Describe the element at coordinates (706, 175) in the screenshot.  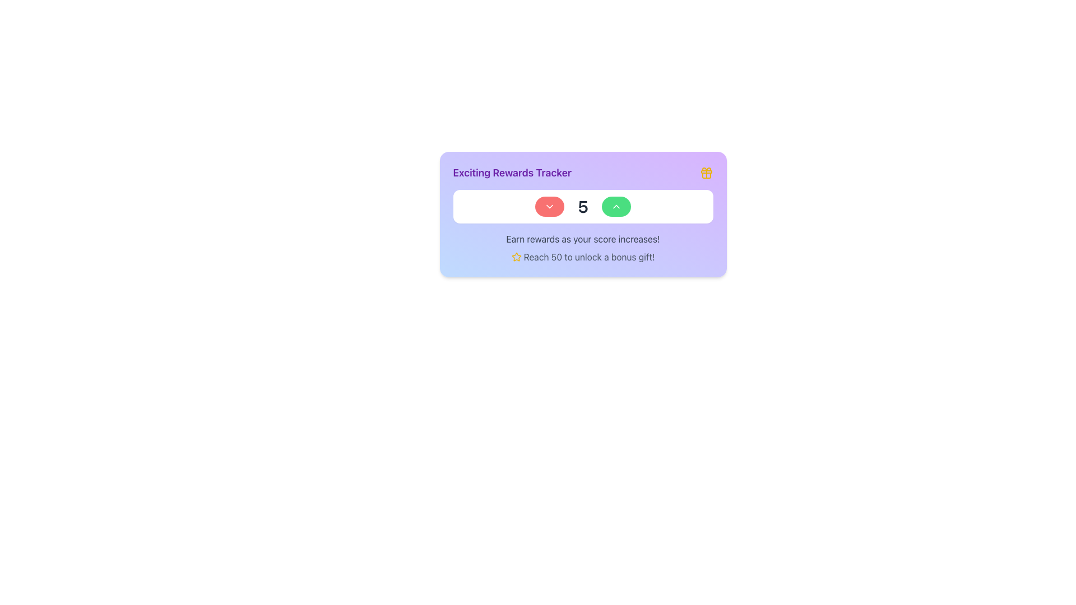
I see `the bottom graphical segment of the gift box icon located in the top-right corner of the UI card` at that location.